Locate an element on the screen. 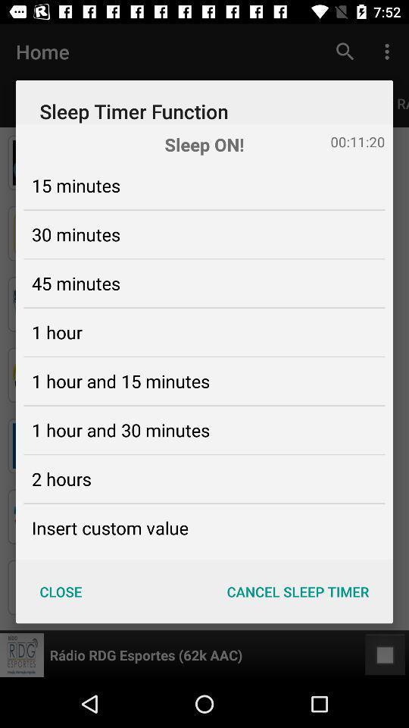 This screenshot has width=409, height=728. item below the insert custom value icon is located at coordinates (60, 591).